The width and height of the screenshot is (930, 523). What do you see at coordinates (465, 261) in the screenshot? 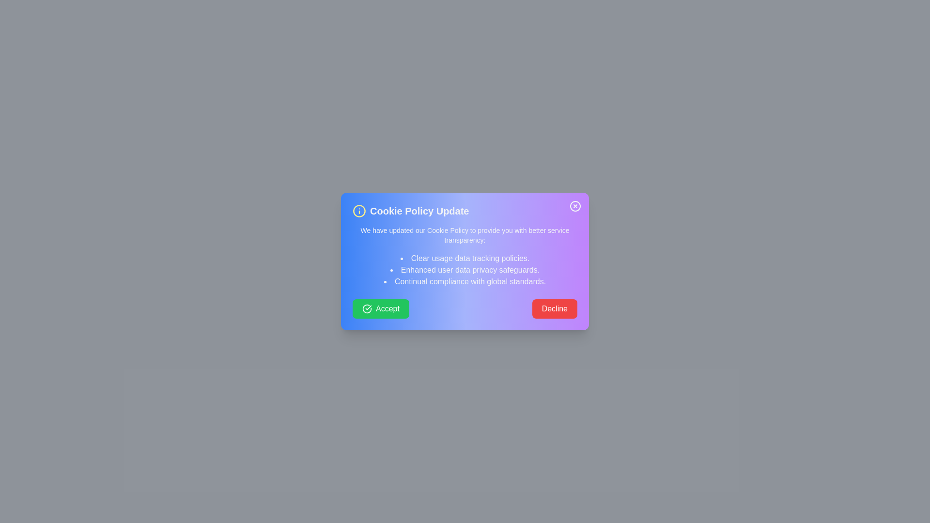
I see `the text to select a word in the policy dialog` at bounding box center [465, 261].